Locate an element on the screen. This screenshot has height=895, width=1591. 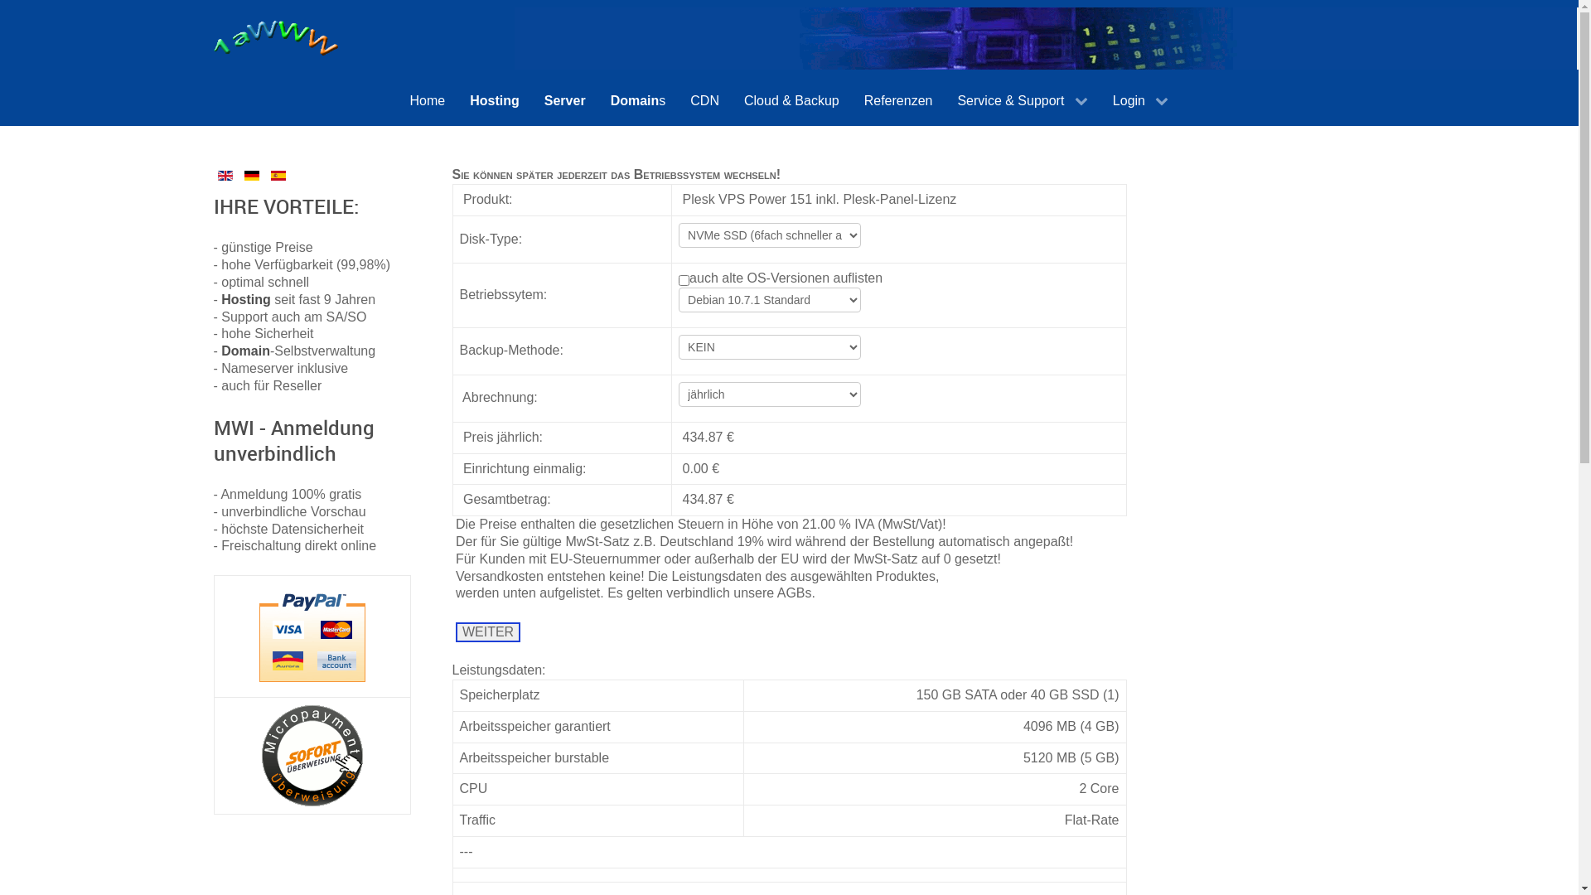
'WEITER' is located at coordinates (487, 632).